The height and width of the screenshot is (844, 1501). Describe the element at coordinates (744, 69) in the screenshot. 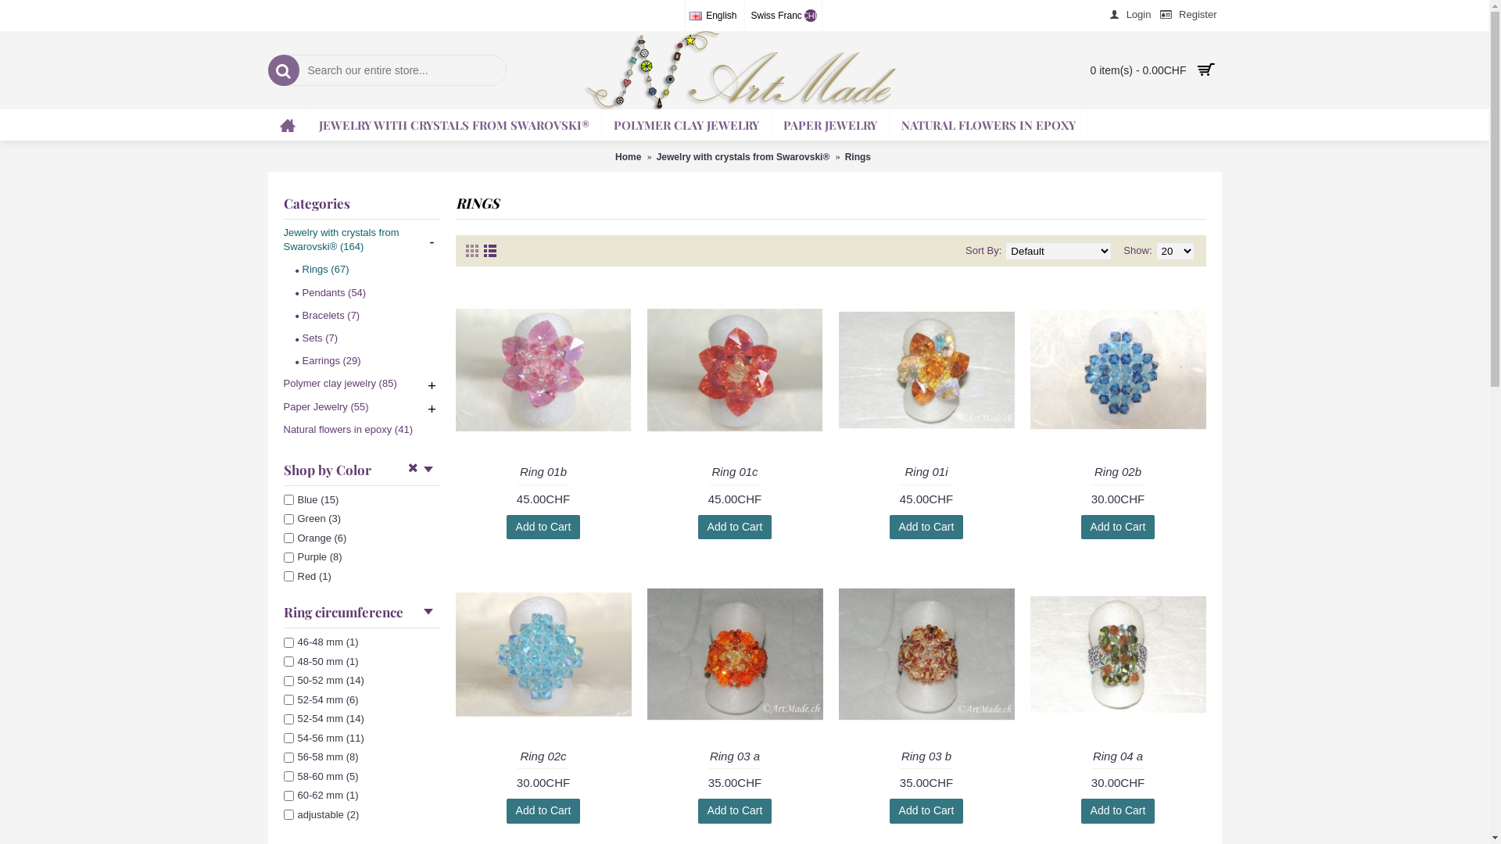

I see `'Artmade.ch'` at that location.